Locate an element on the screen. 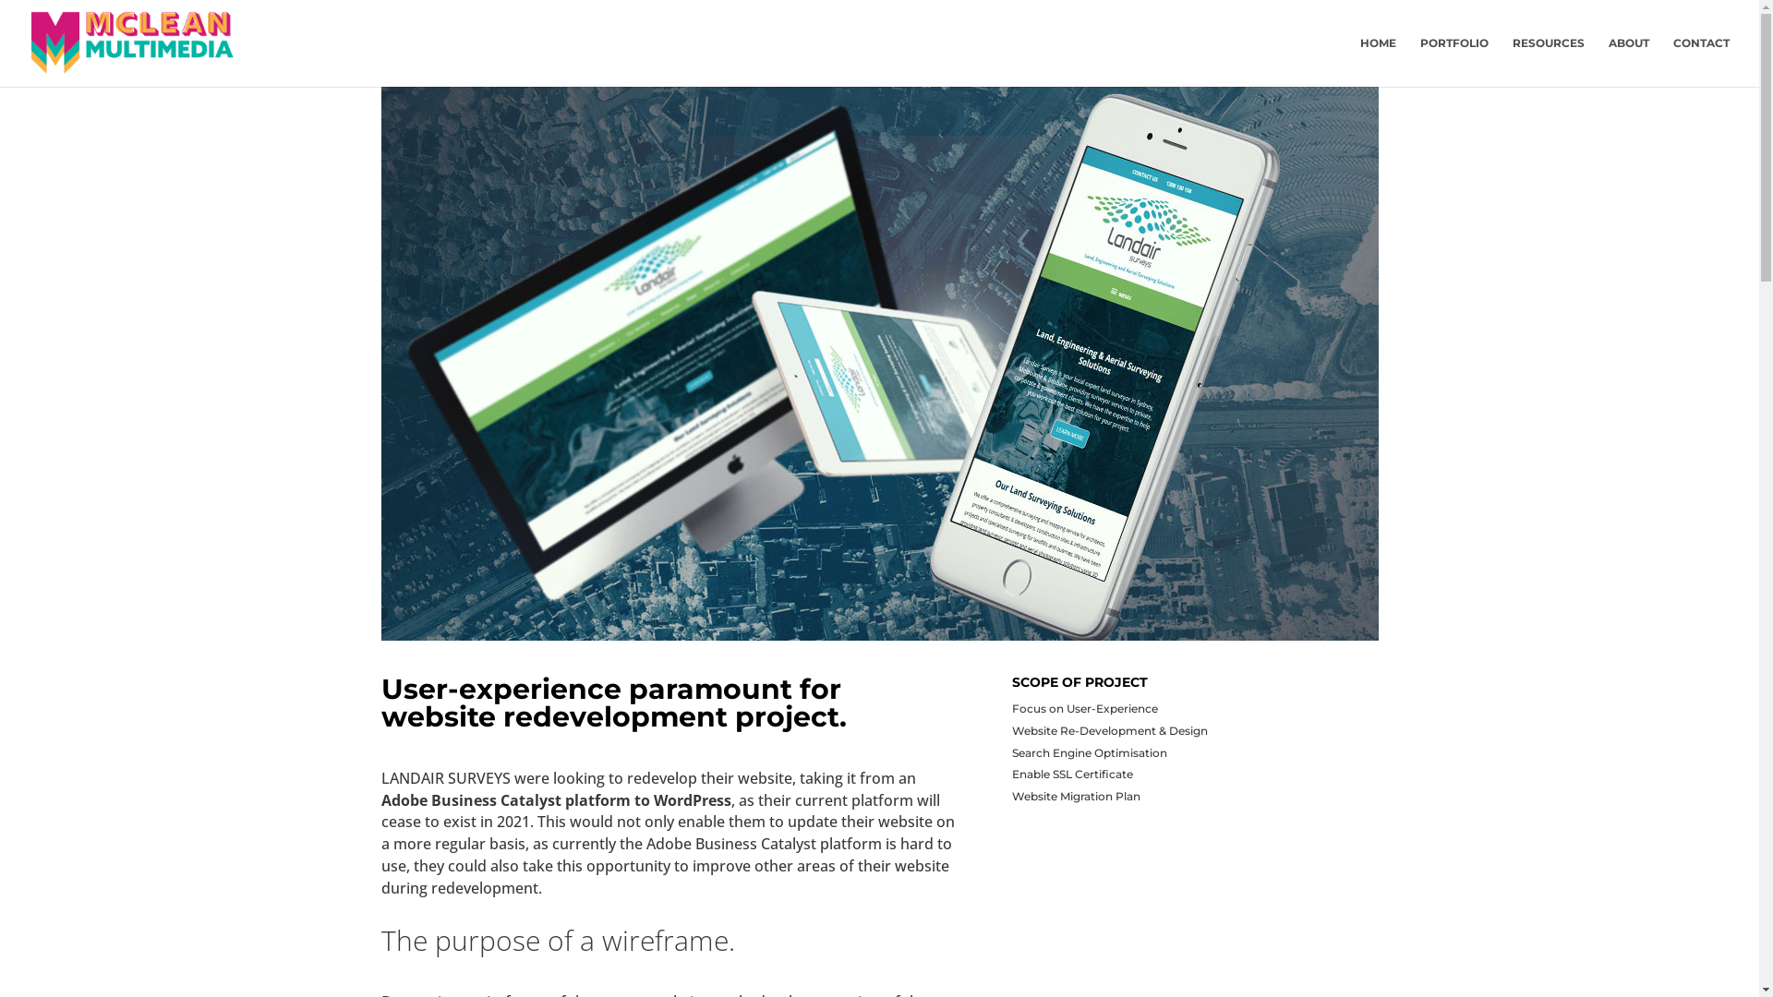 Image resolution: width=1773 pixels, height=997 pixels. 'HOME' is located at coordinates (1378, 60).